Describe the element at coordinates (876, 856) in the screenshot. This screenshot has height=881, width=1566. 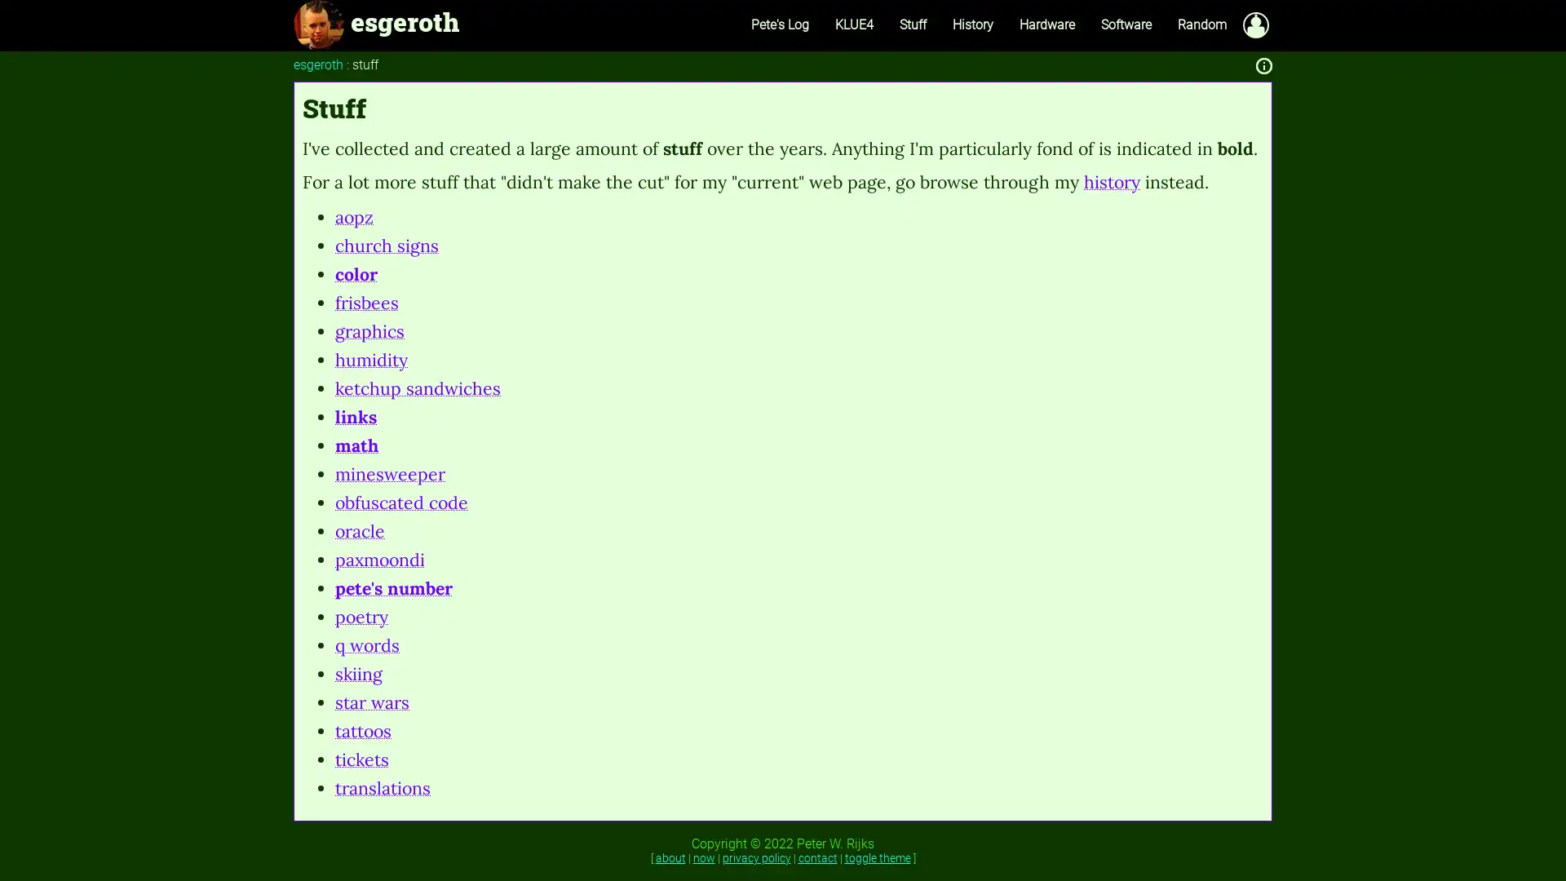
I see `toggle theme` at that location.